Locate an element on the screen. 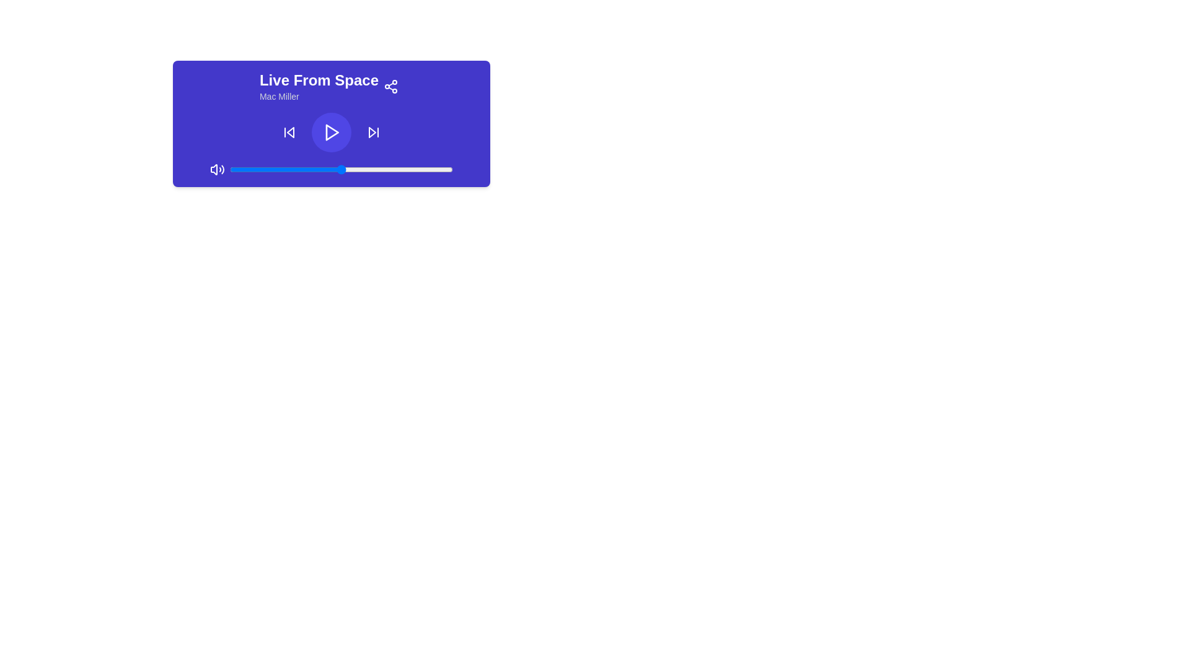  the speaker icon button on the audio control bar is located at coordinates (217, 169).